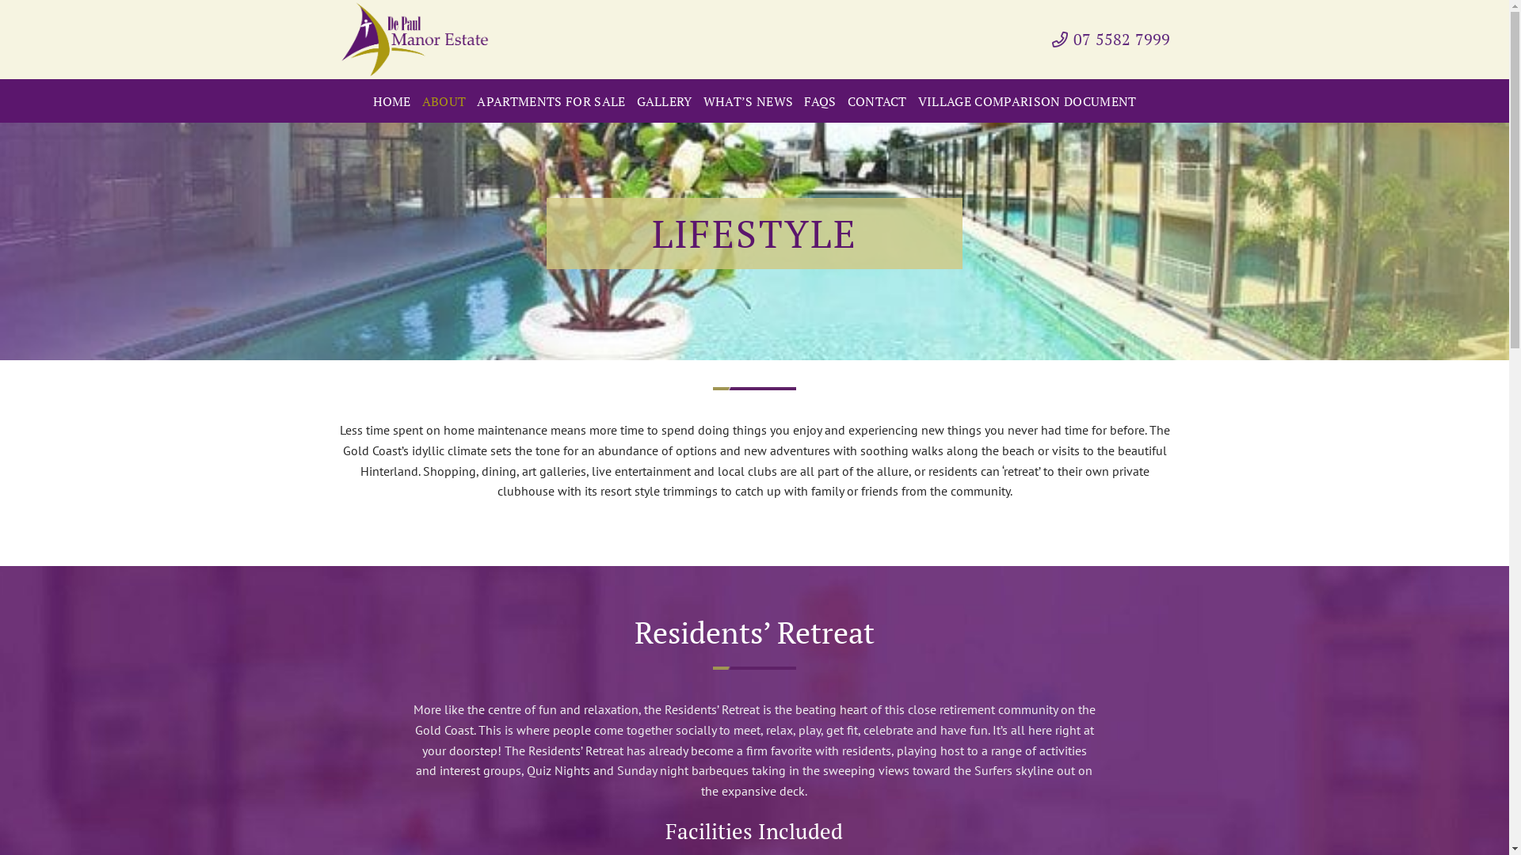 Image resolution: width=1521 pixels, height=855 pixels. What do you see at coordinates (1052, 39) in the screenshot?
I see `'07 5582 7999'` at bounding box center [1052, 39].